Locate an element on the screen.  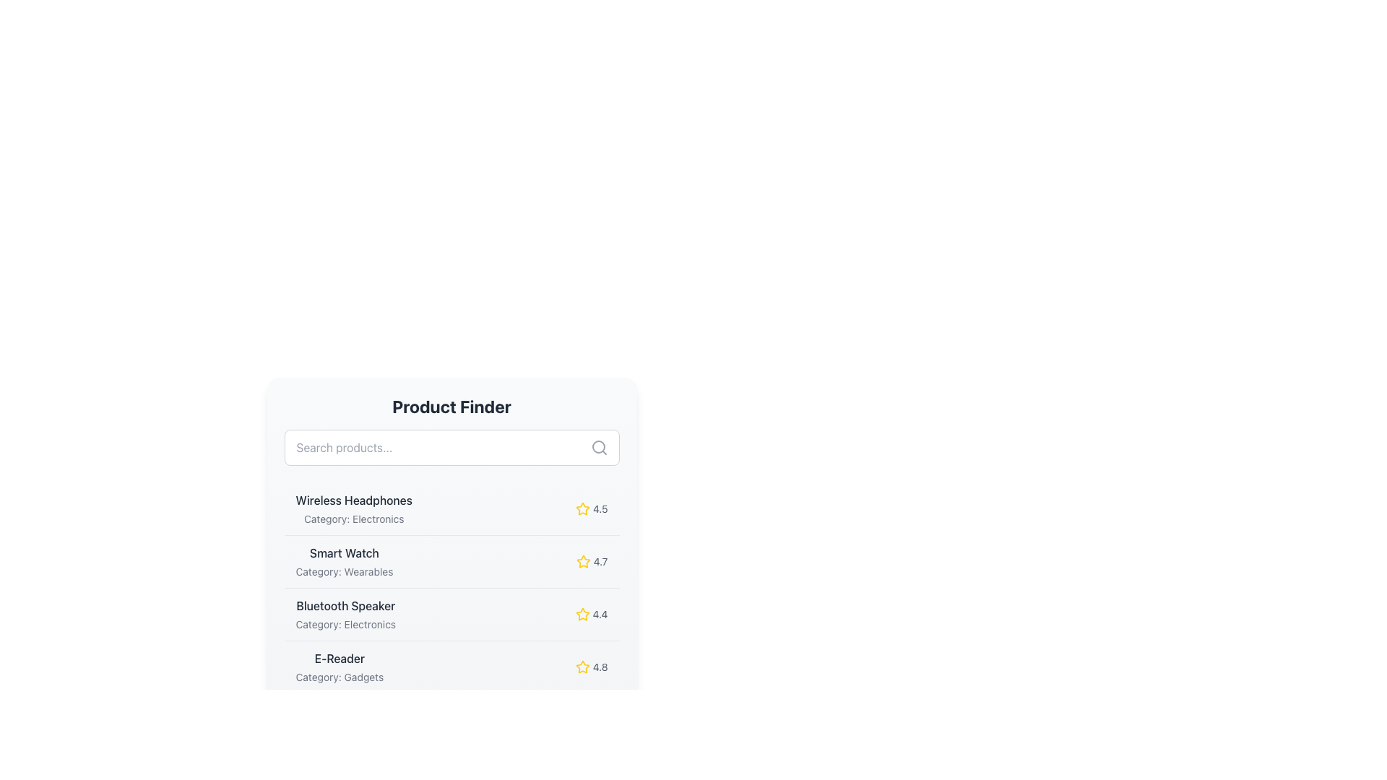
the Text Label indicating that 'Bluetooth Speaker' belongs to the 'Electronics' category, which is positioned below the 'Bluetooth Speaker' label in the third row of a vertically arranged list is located at coordinates (345, 623).